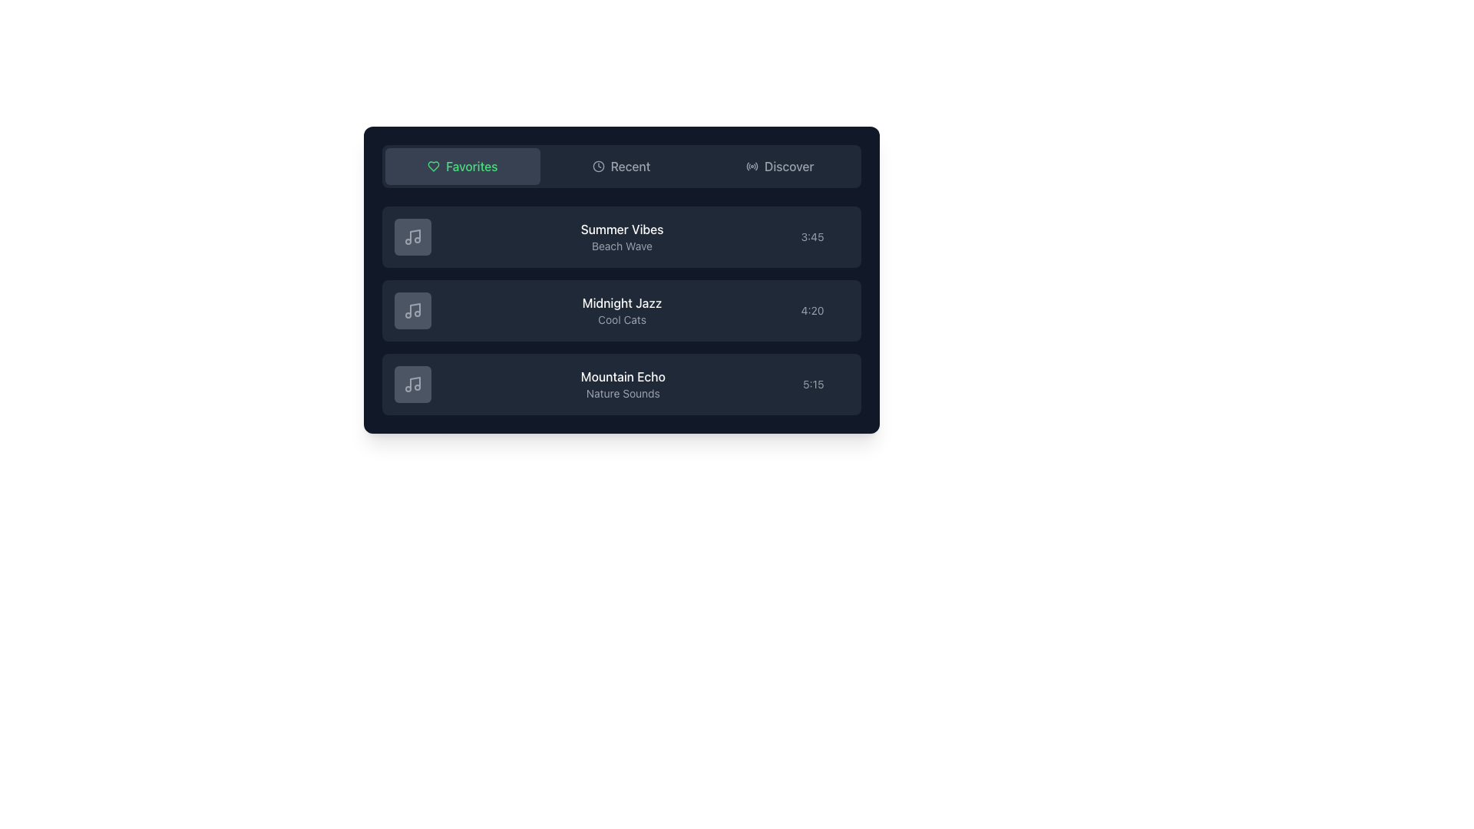 The image size is (1474, 829). Describe the element at coordinates (630, 166) in the screenshot. I see `the 'Recent' text label, which is a medium-weight light-gray label located in the center of the horizontal navigation bar at the top of the main content area, positioned between 'Favorites' and 'Discover'` at that location.